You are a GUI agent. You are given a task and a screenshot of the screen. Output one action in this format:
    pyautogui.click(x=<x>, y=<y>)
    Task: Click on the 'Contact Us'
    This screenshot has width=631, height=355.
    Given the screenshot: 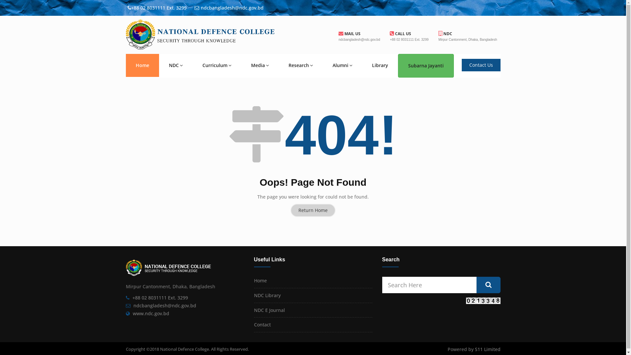 What is the action you would take?
    pyautogui.click(x=481, y=65)
    